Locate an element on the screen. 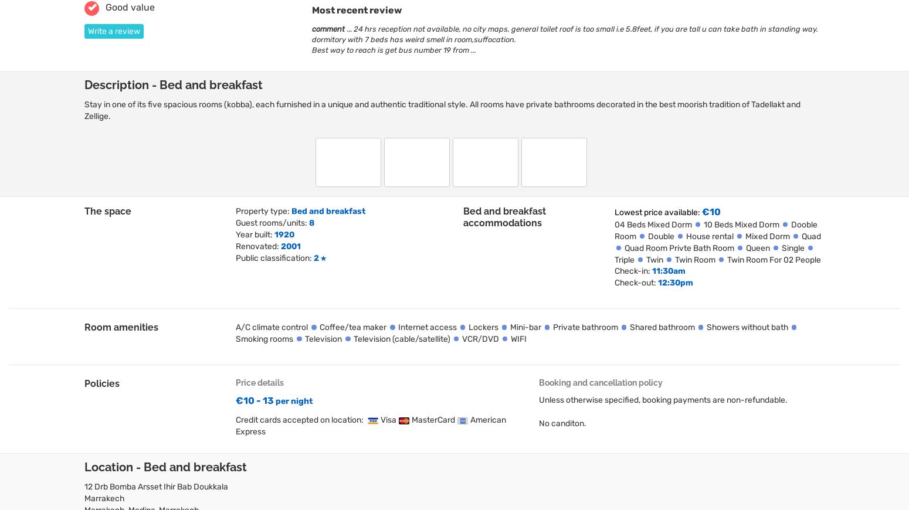  '8' is located at coordinates (311, 222).